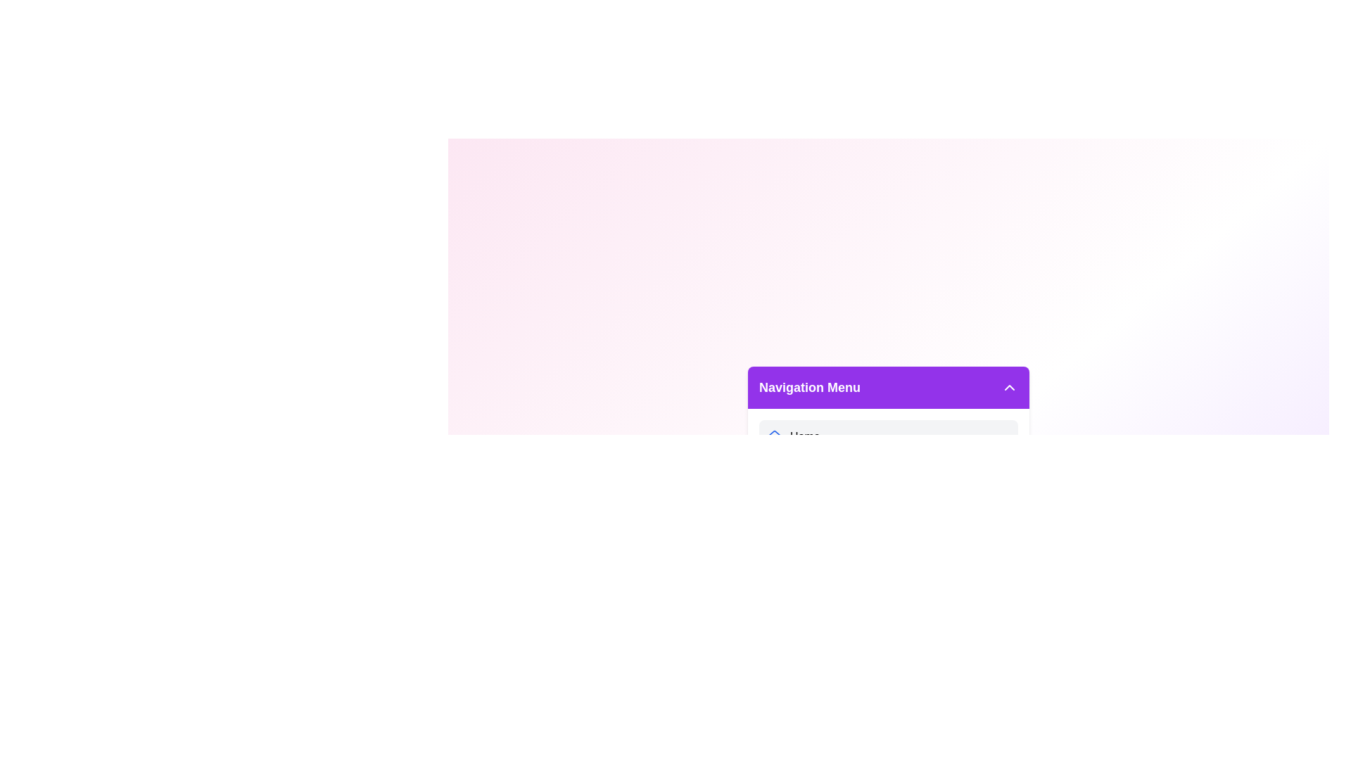 This screenshot has width=1351, height=760. Describe the element at coordinates (1009, 388) in the screenshot. I see `the Chevron Icon` at that location.